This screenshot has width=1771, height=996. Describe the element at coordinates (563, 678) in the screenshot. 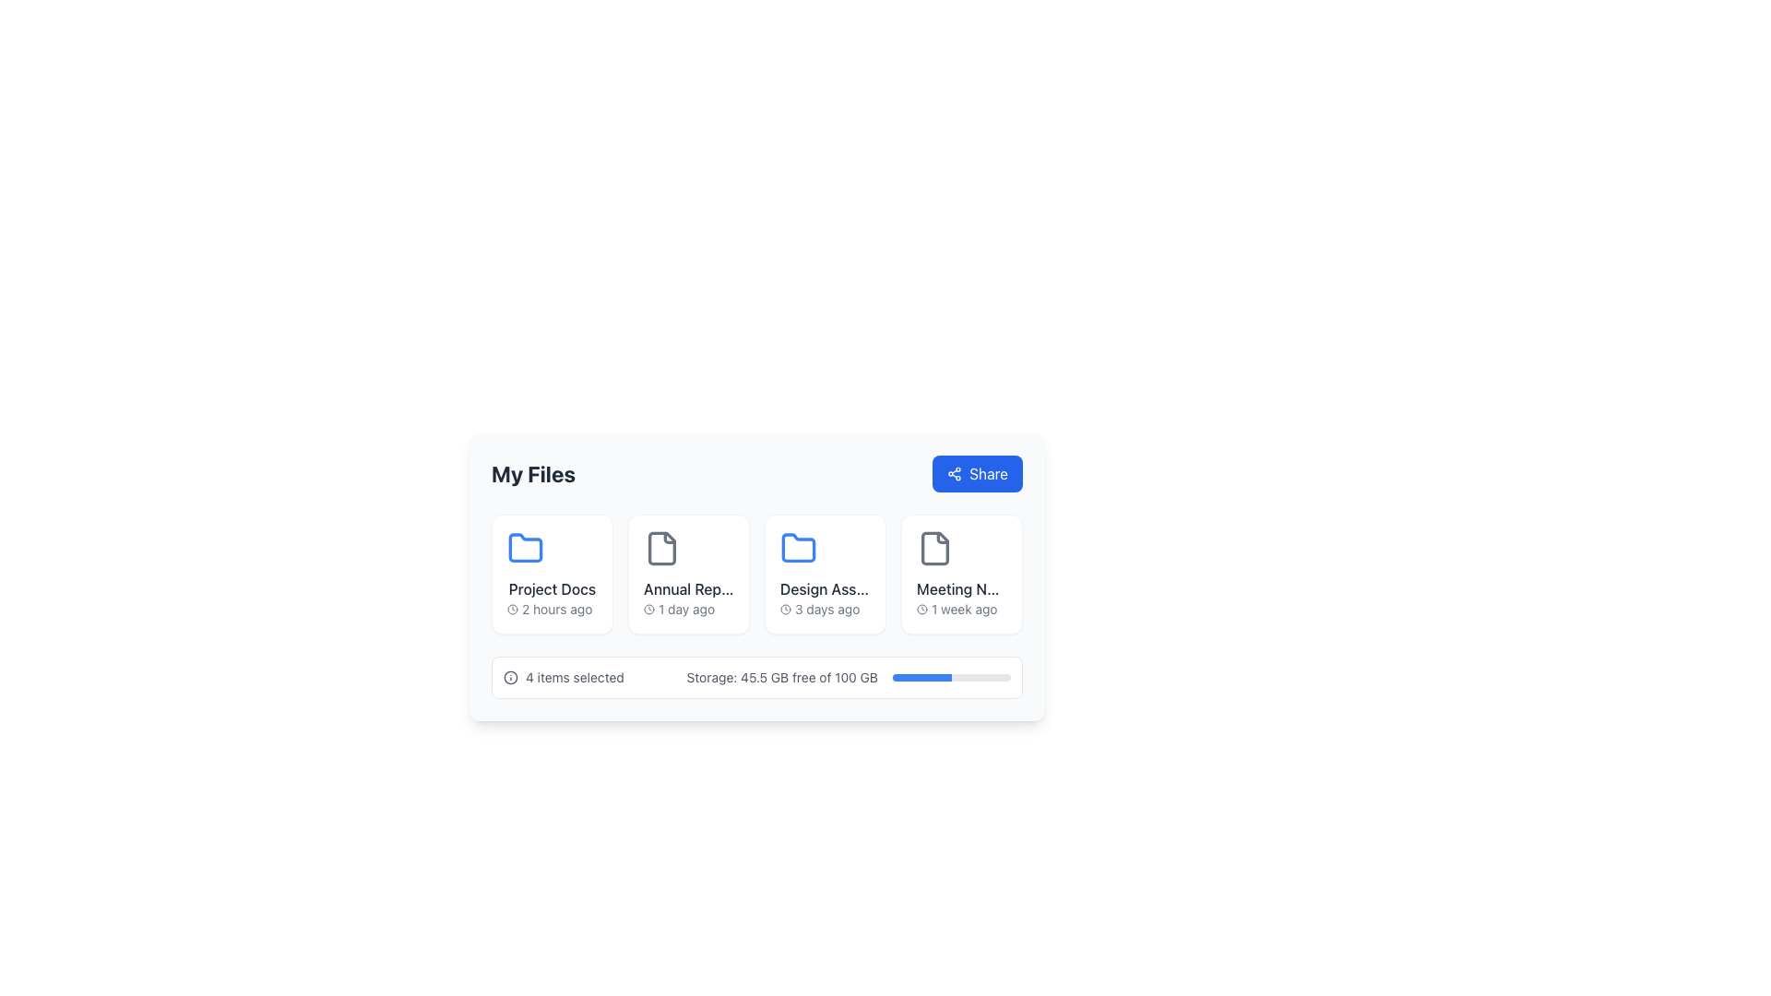

I see `the text label that reads '4 items selected', which includes an information symbol on its left, positioned above a storage usage bar` at that location.